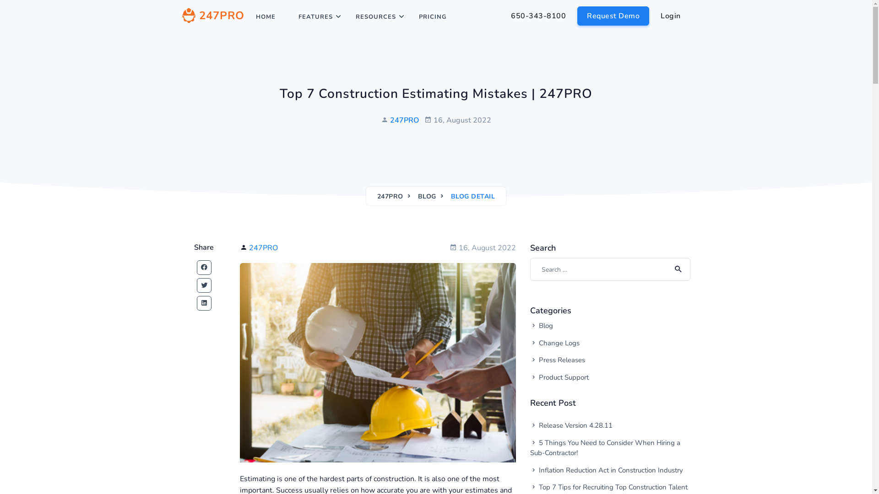 Image resolution: width=879 pixels, height=494 pixels. I want to click on 'Blog', so click(590, 325).